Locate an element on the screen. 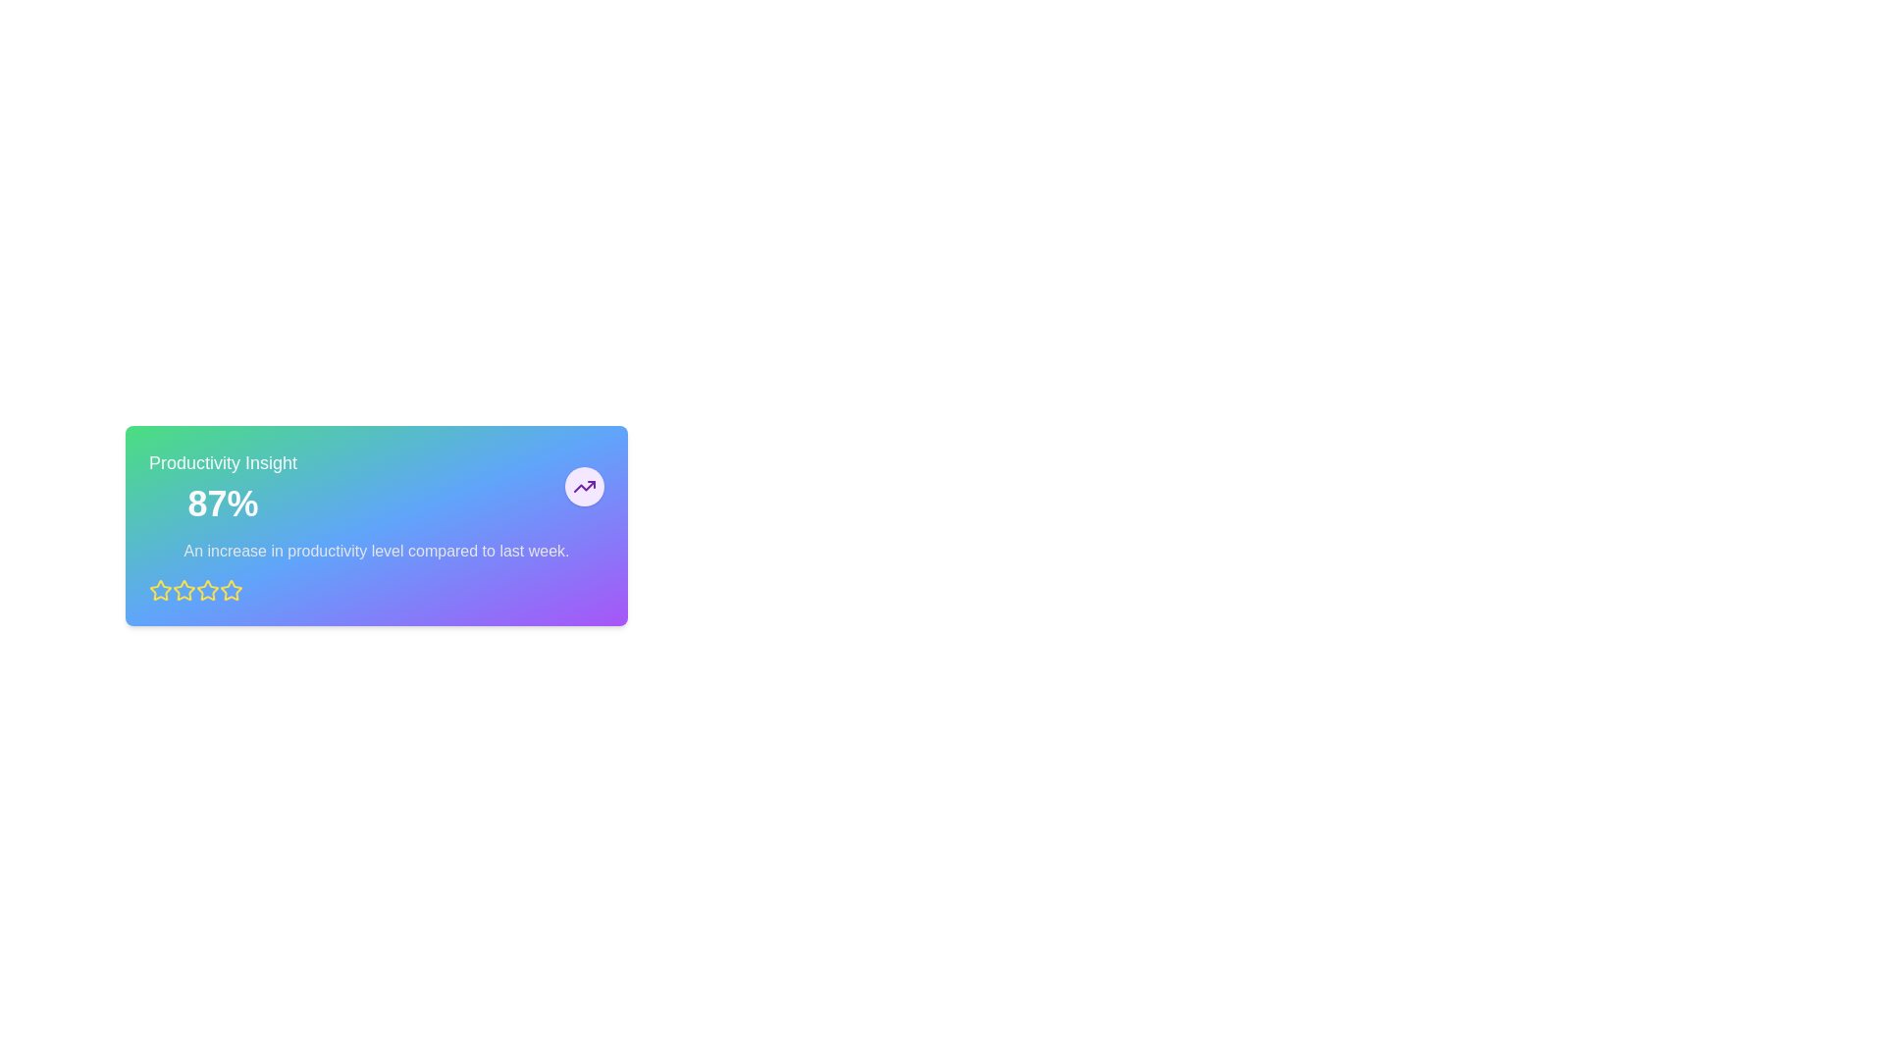 Image resolution: width=1884 pixels, height=1060 pixels. the first star icon in the rating system is located at coordinates (160, 589).